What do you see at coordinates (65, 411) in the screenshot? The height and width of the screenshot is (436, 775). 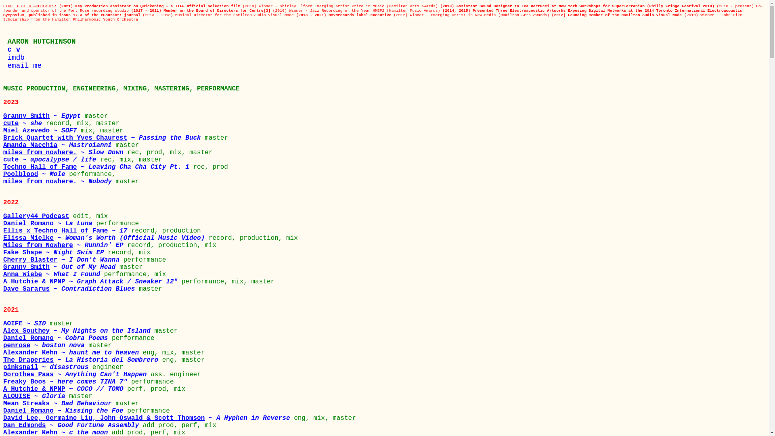 I see `'Daniel Romano ~ Kissing the Foe'` at bounding box center [65, 411].